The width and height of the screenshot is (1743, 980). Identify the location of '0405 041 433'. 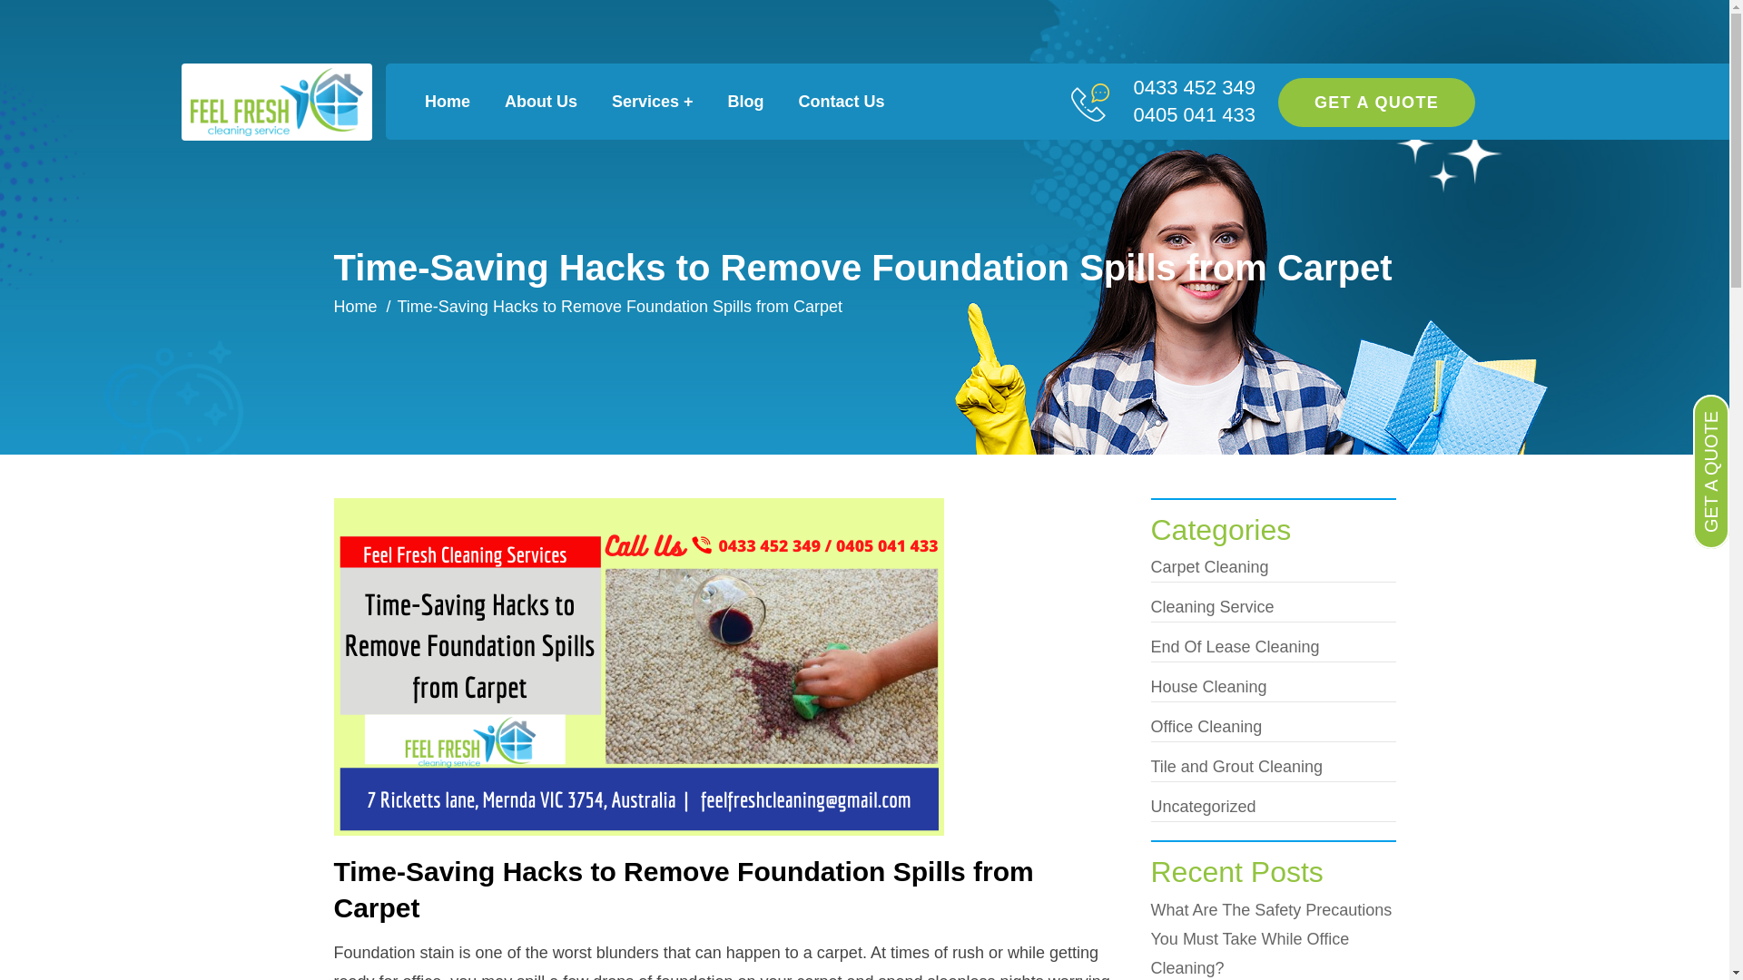
(1194, 115).